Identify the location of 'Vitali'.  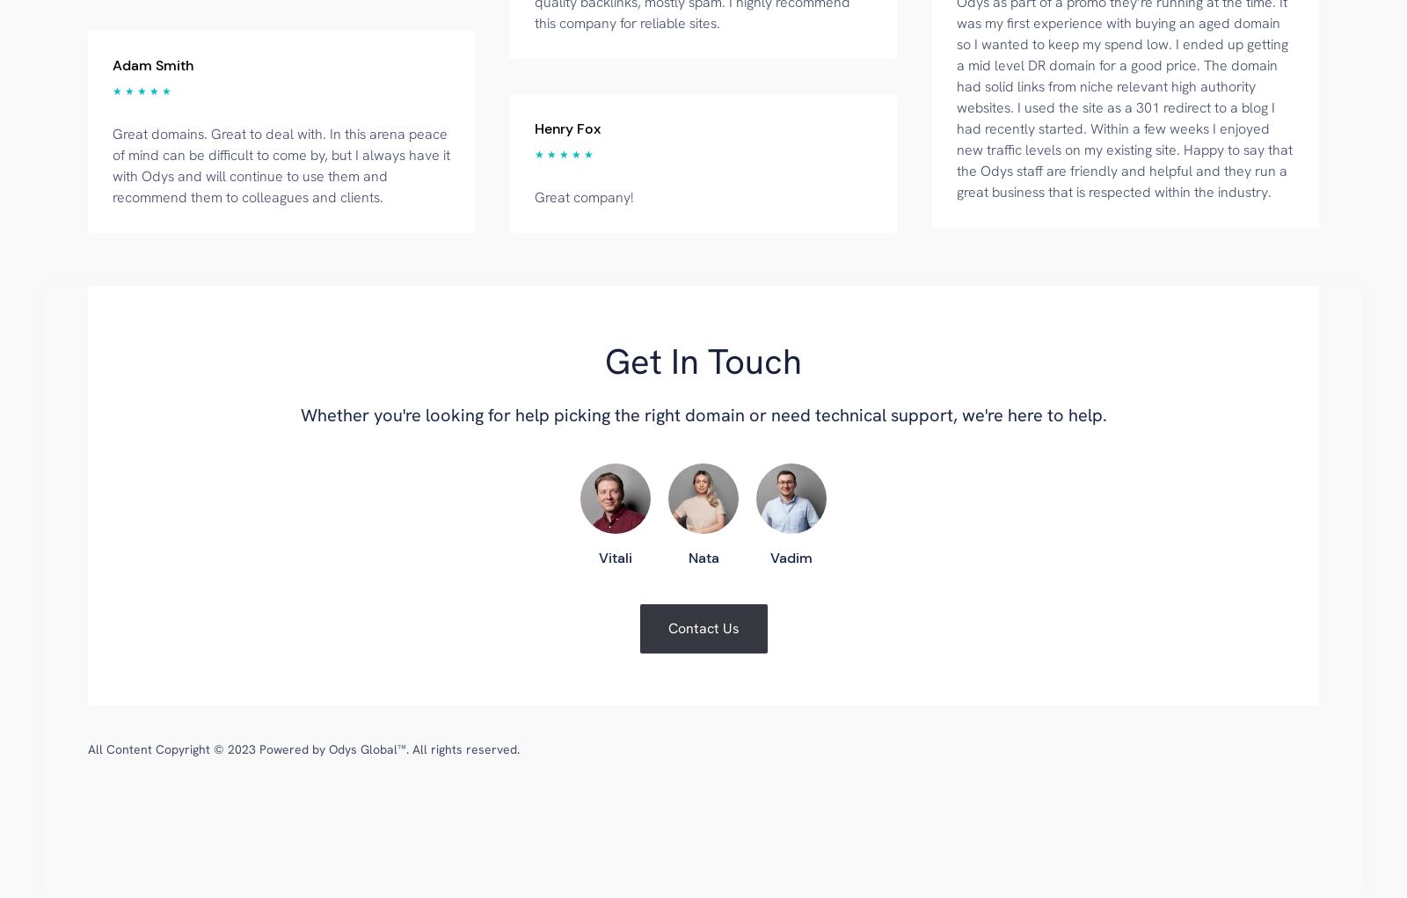
(616, 556).